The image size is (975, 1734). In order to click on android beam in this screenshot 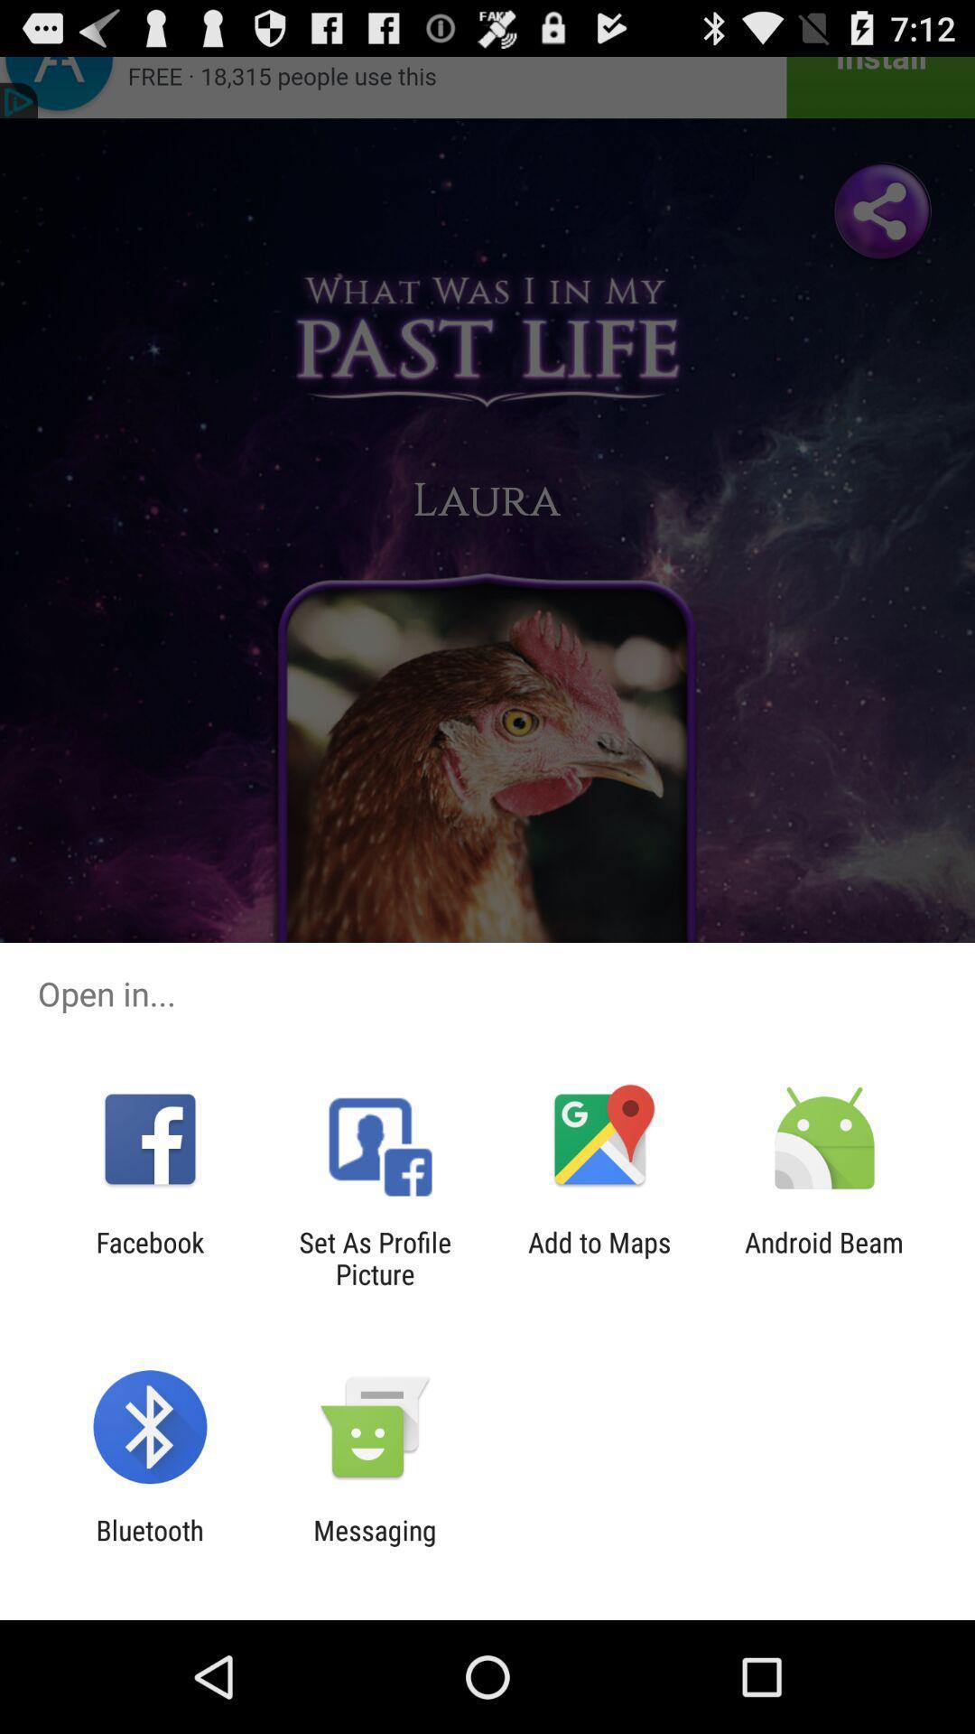, I will do `click(824, 1257)`.